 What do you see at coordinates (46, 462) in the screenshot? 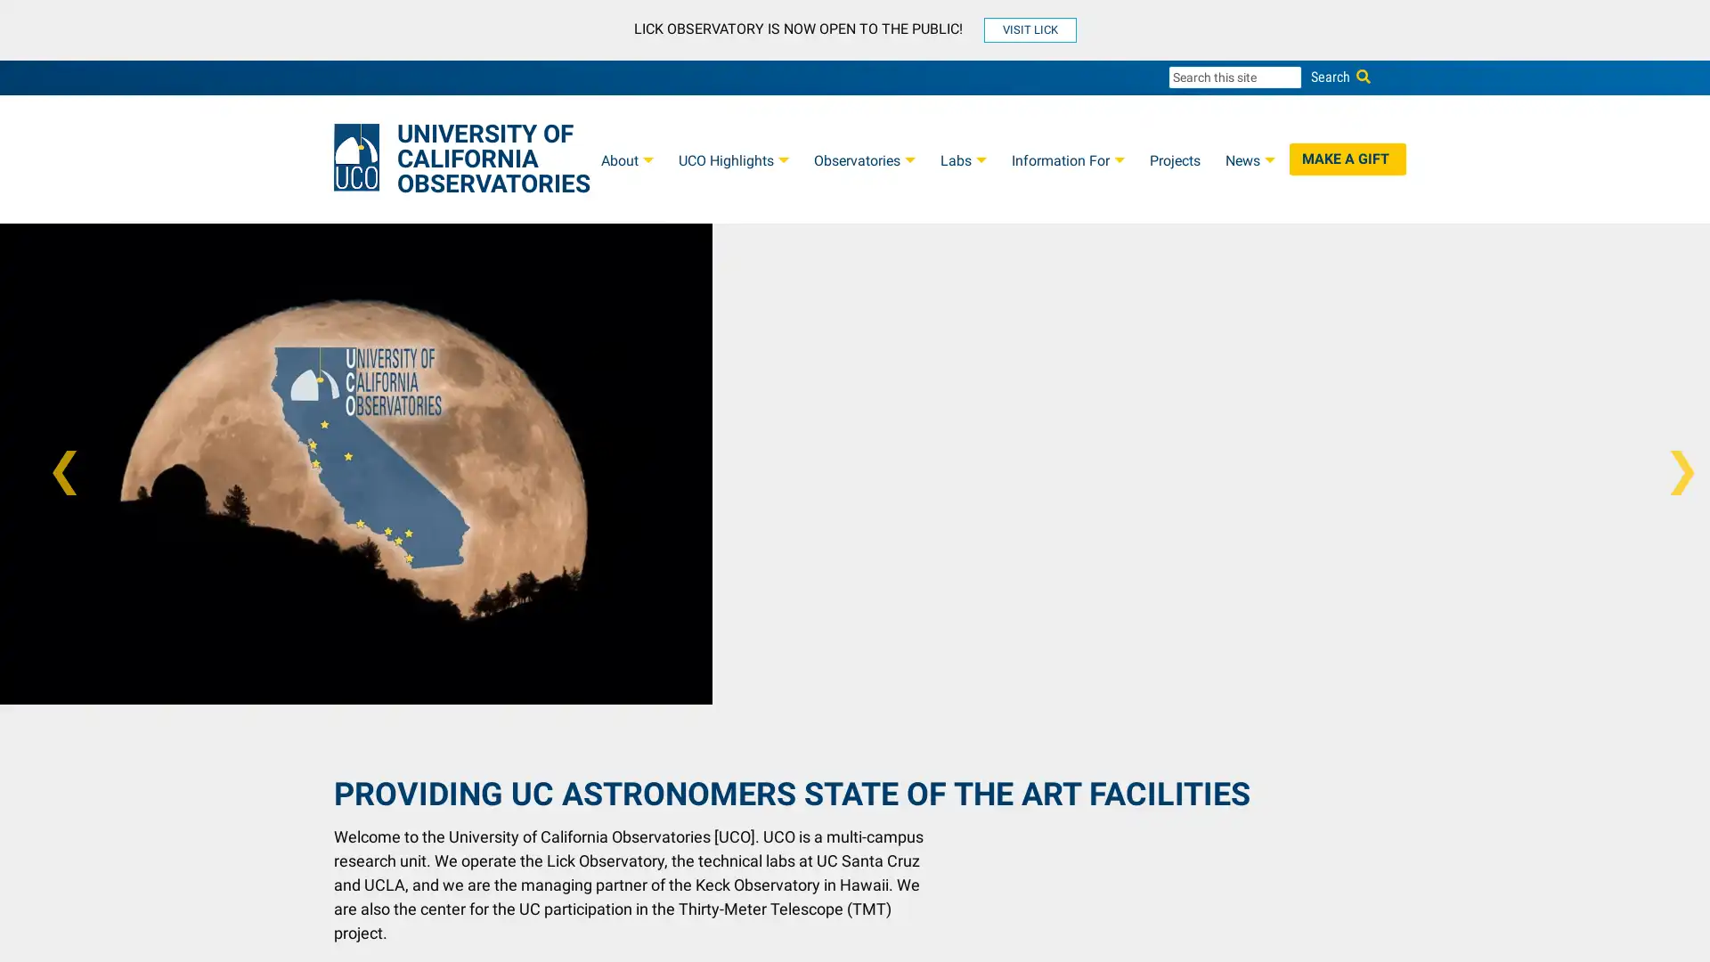
I see `Previous` at bounding box center [46, 462].